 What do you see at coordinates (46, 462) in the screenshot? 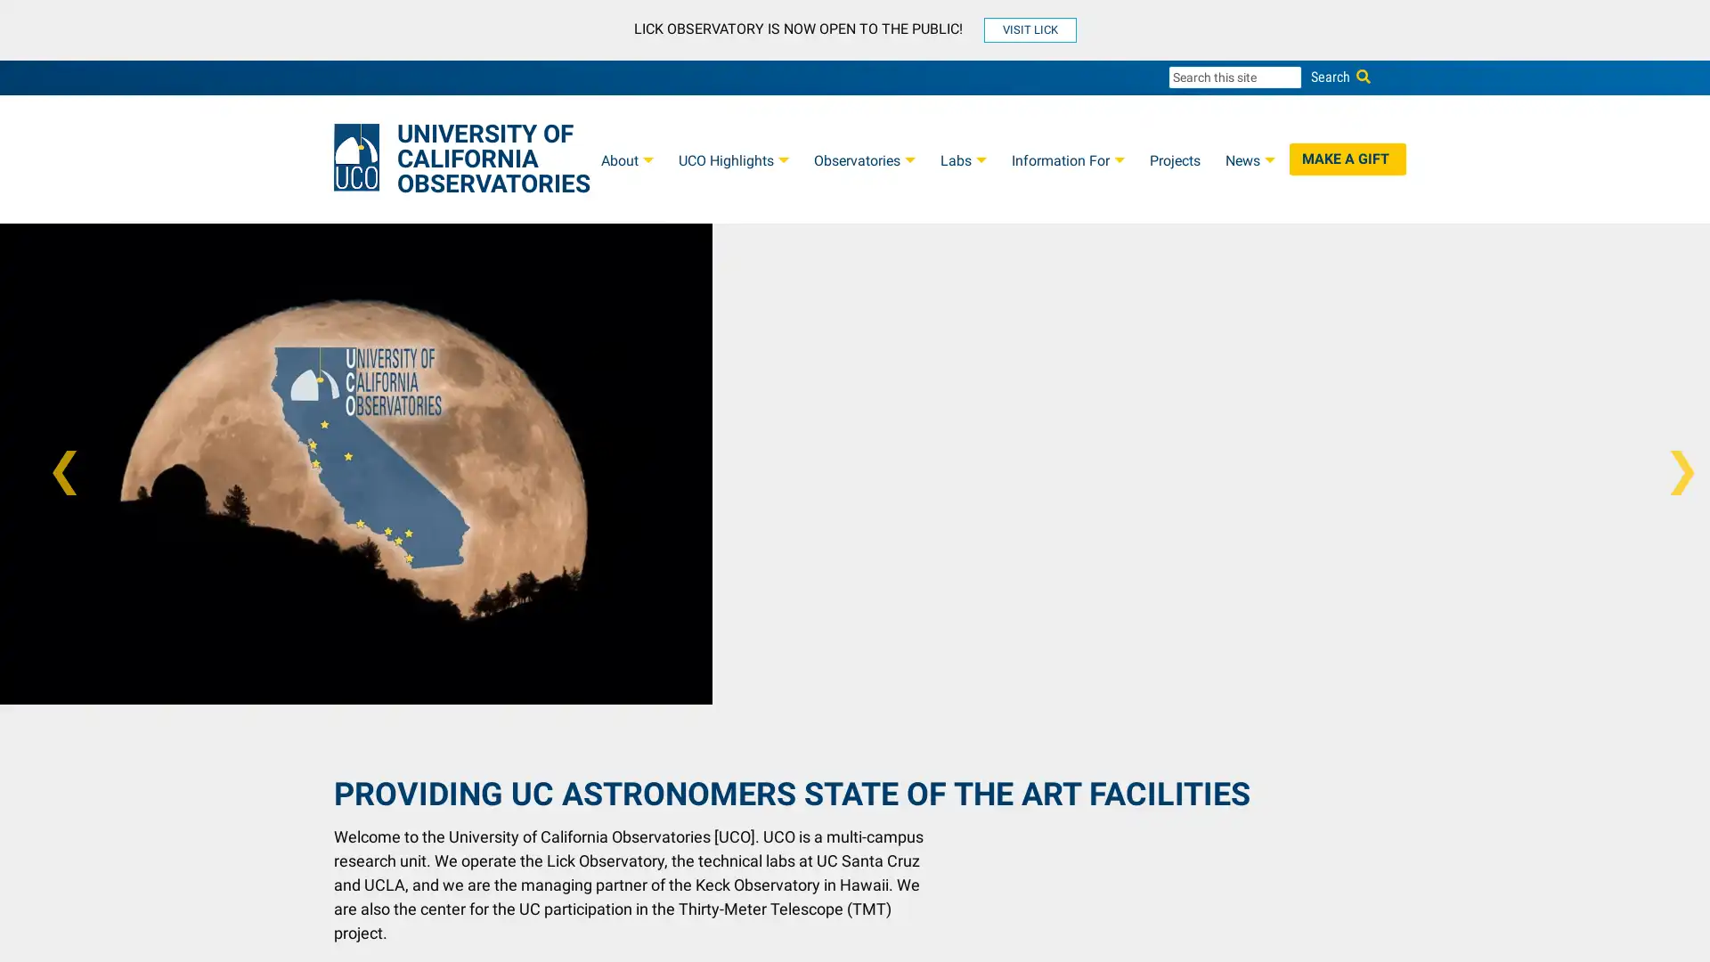
I see `Previous` at bounding box center [46, 462].